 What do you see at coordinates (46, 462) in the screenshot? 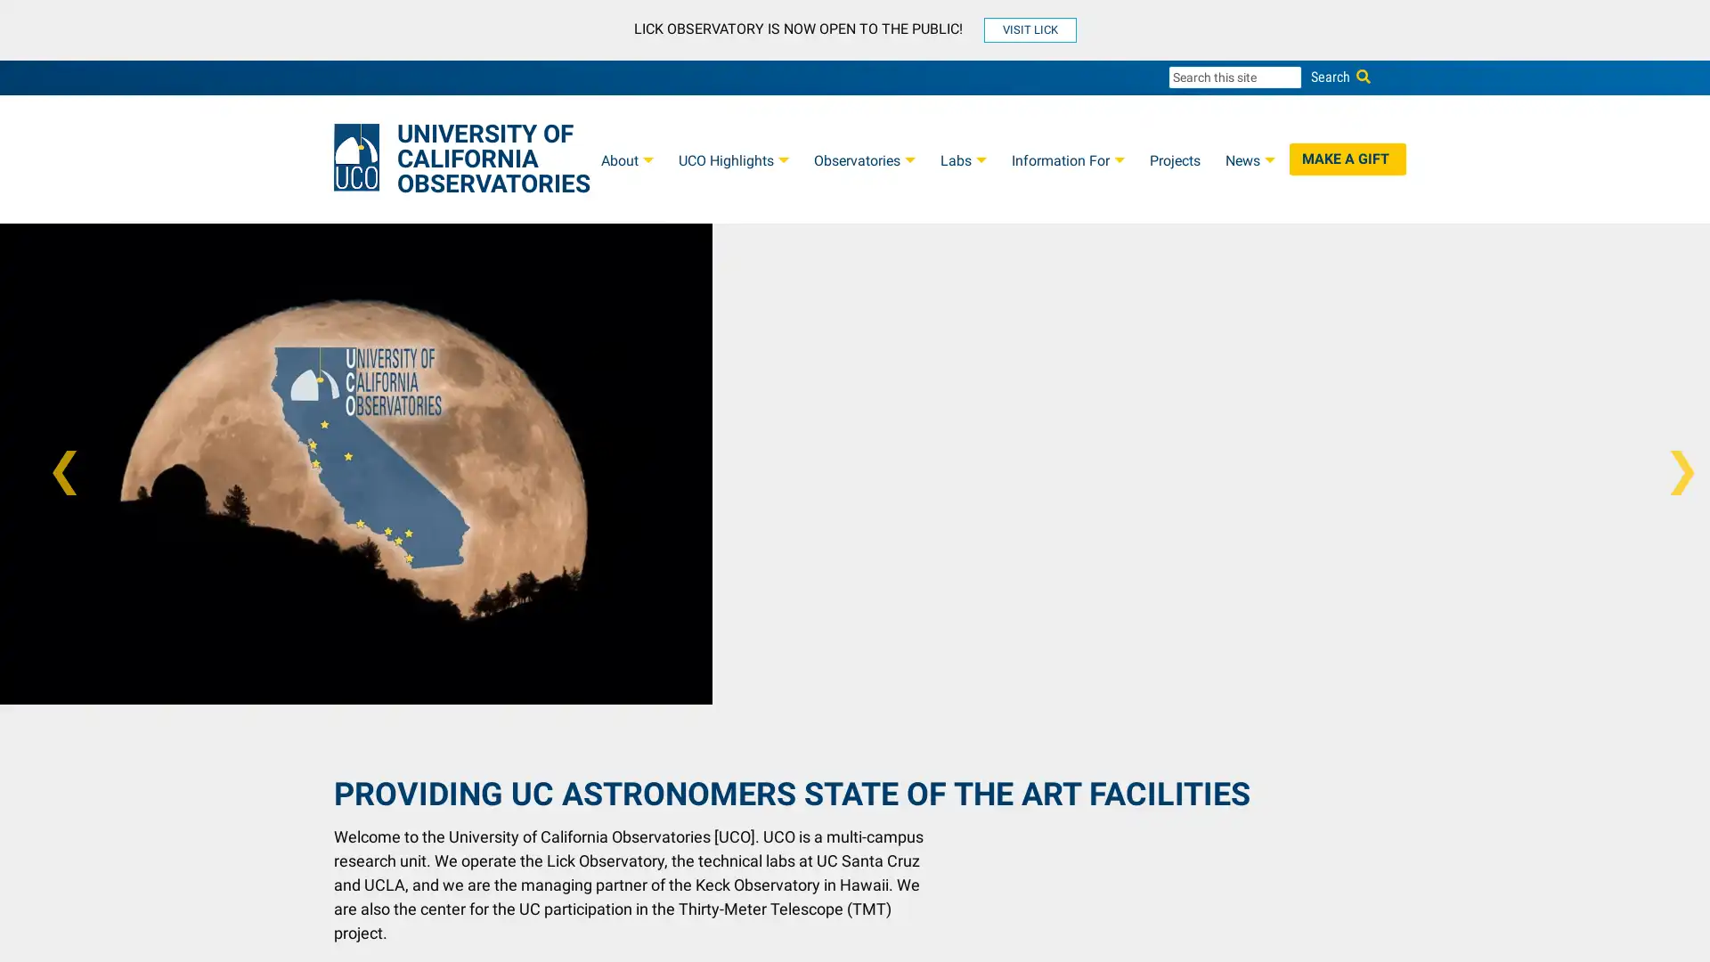
I see `Previous` at bounding box center [46, 462].